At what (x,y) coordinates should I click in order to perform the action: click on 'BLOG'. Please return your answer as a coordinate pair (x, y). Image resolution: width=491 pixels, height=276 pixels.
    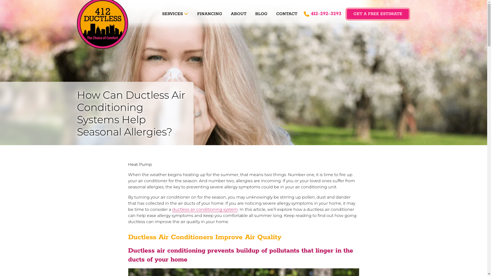
    Looking at the image, I should click on (261, 14).